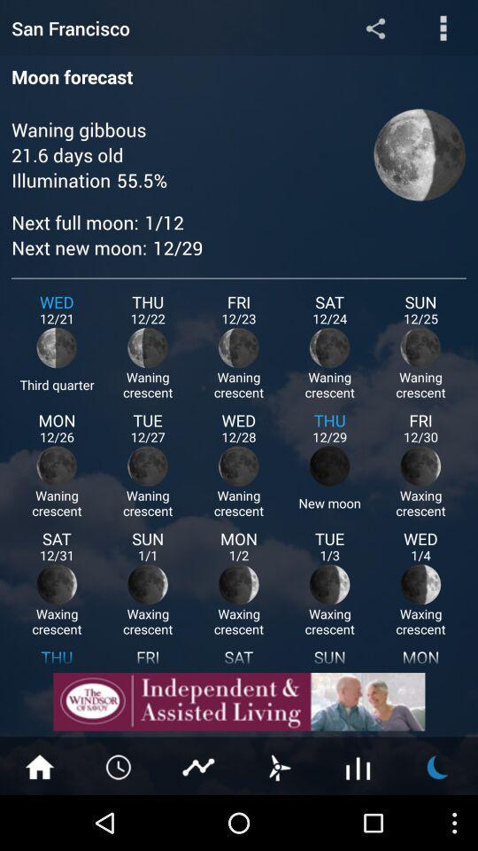 The image size is (478, 851). I want to click on share option, so click(374, 27).